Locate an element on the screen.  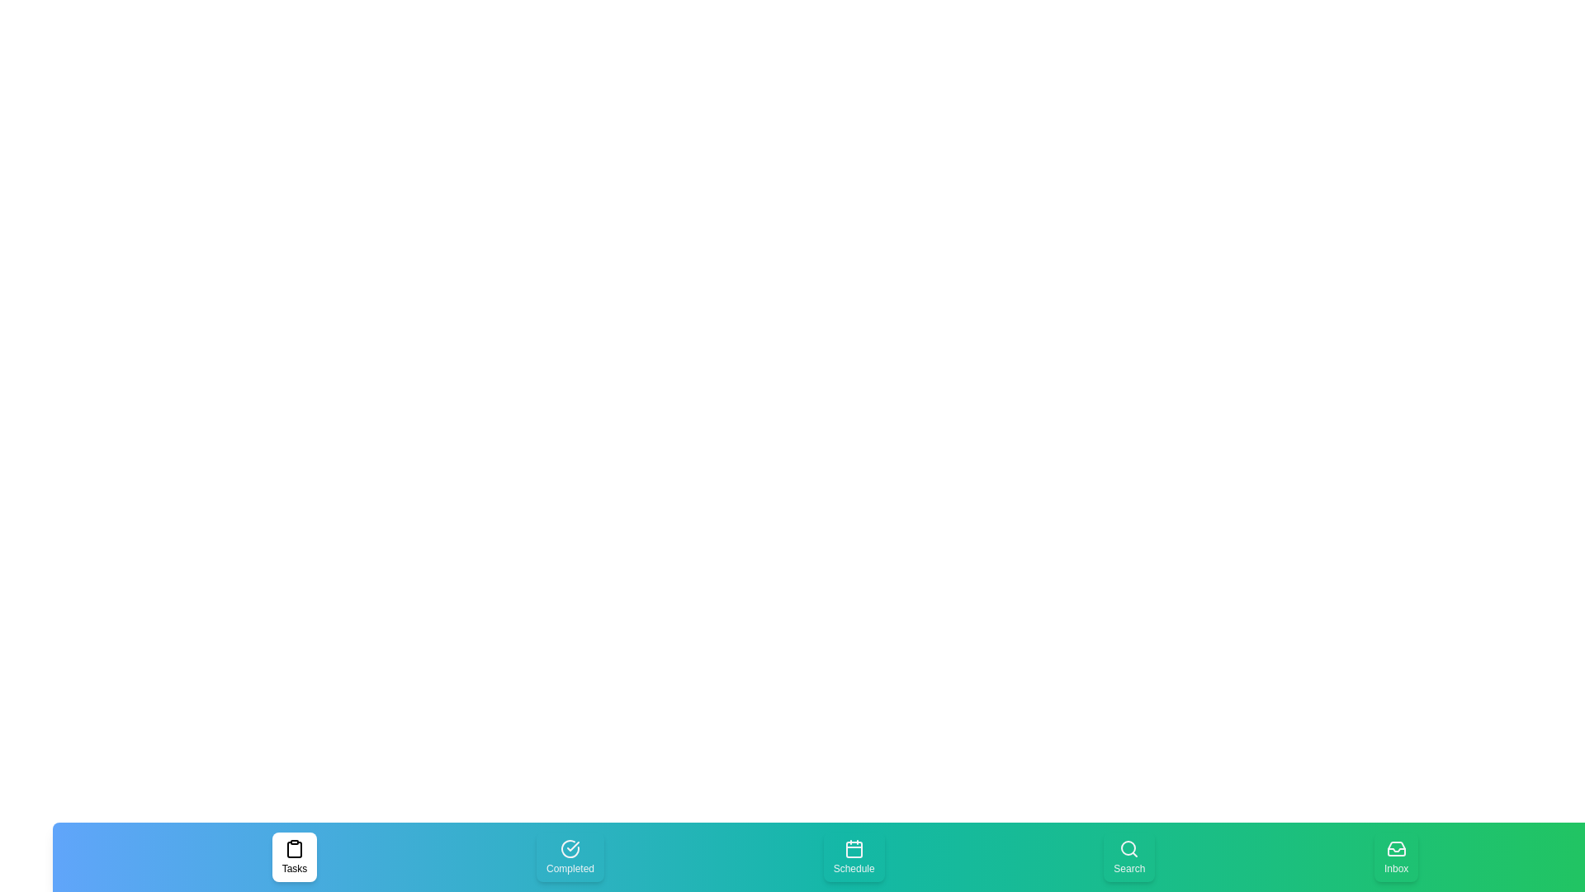
the Schedule tab to select it is located at coordinates (854, 856).